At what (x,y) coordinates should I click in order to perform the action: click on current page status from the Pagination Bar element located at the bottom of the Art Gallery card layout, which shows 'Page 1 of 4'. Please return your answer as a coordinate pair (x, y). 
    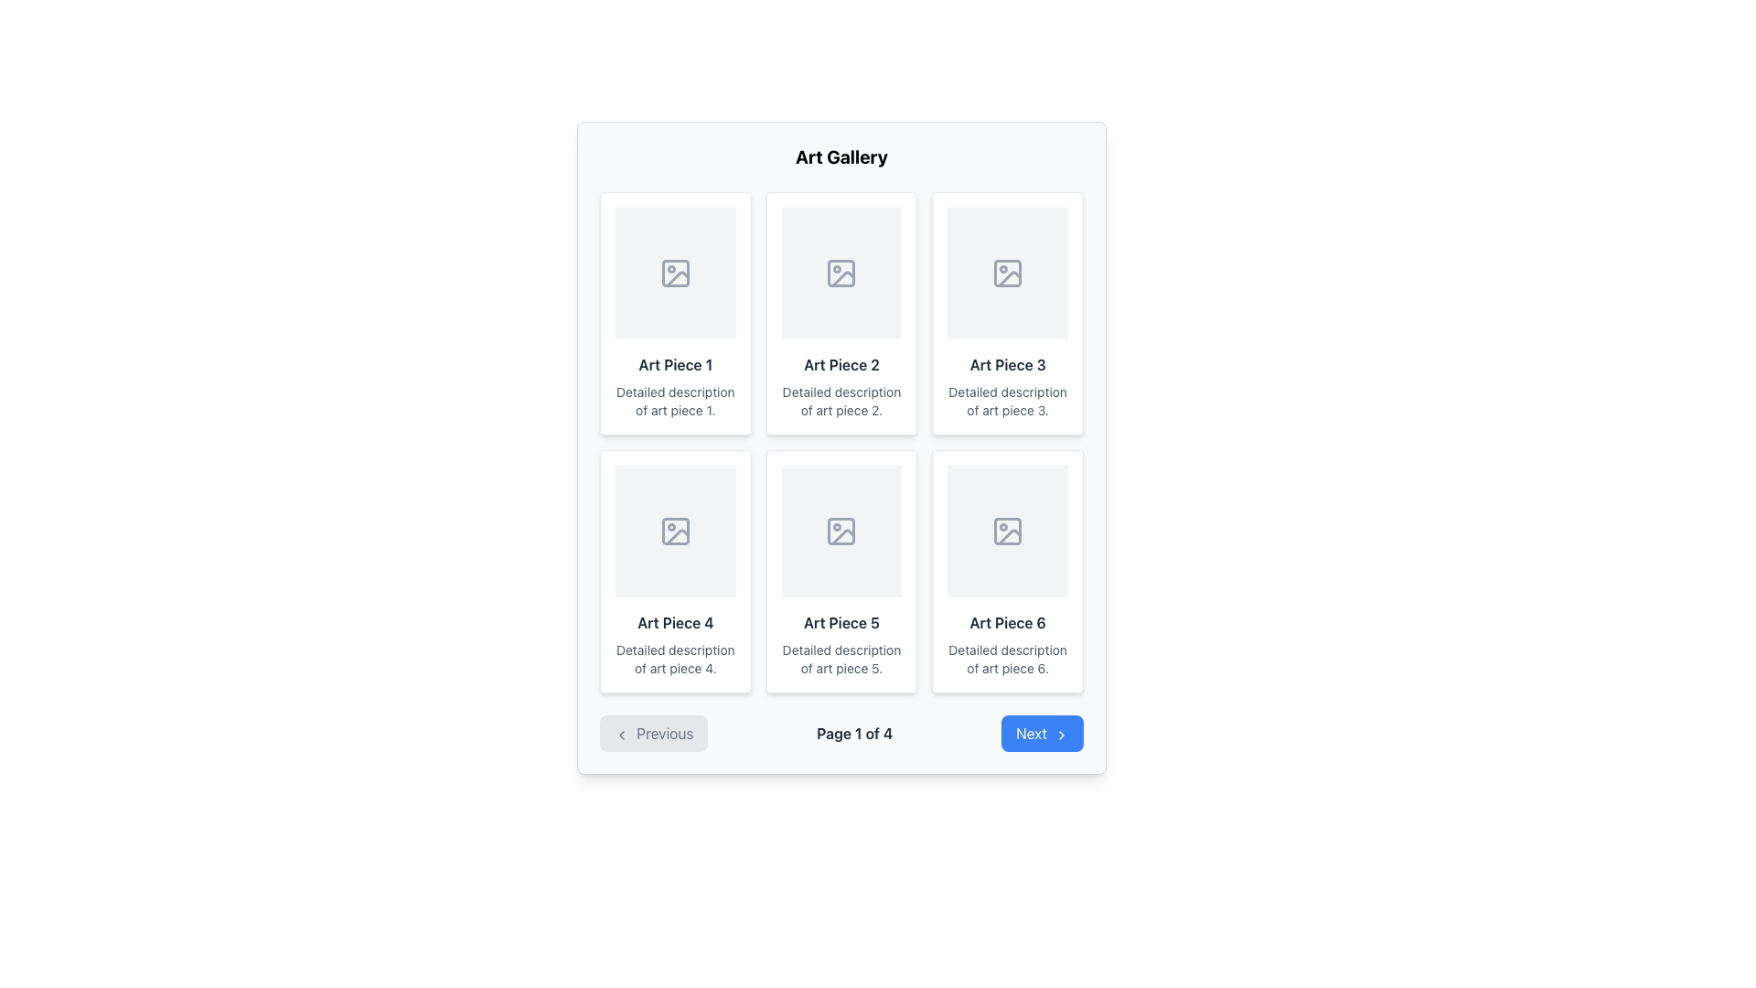
    Looking at the image, I should click on (841, 733).